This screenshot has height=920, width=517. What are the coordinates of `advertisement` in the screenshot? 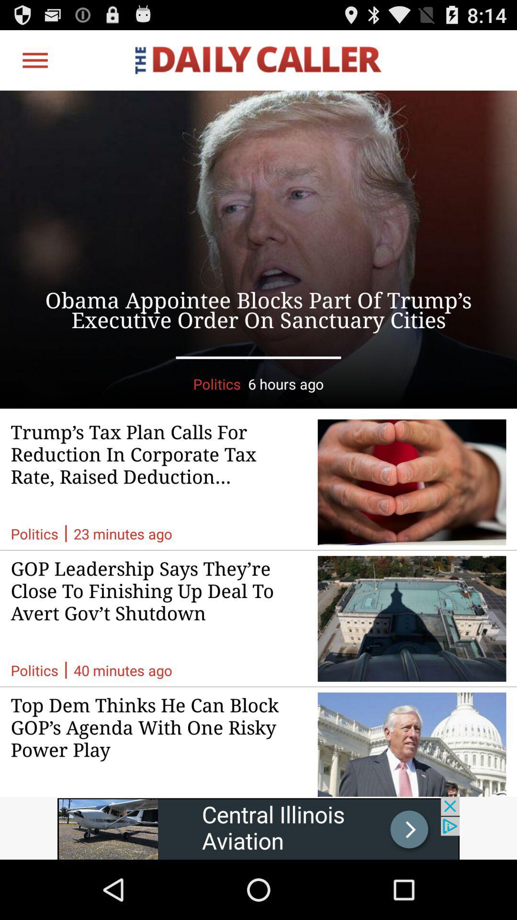 It's located at (258, 249).